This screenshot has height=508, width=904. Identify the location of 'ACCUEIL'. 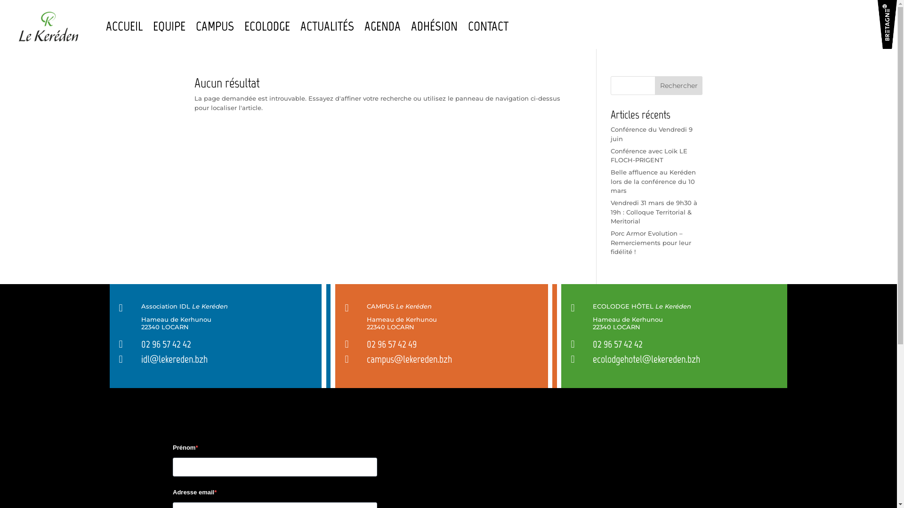
(124, 26).